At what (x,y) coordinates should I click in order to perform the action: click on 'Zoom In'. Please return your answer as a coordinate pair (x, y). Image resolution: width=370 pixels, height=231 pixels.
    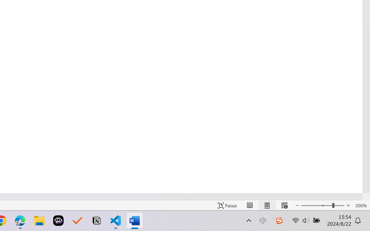
    Looking at the image, I should click on (348, 205).